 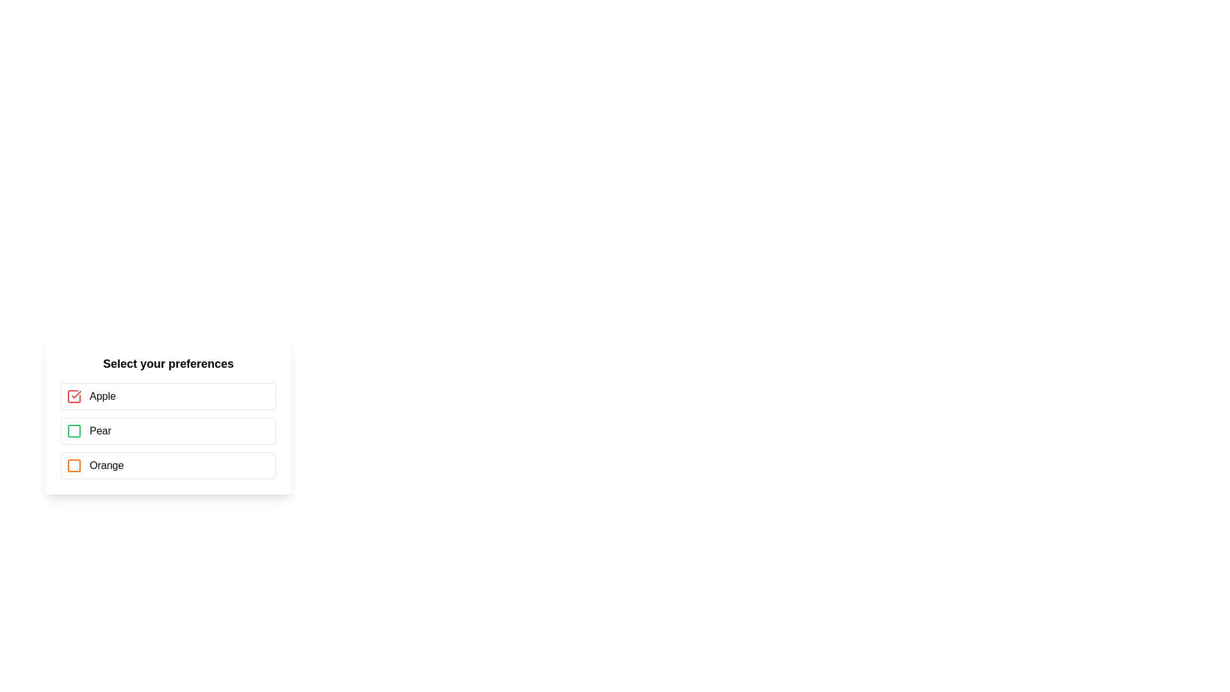 What do you see at coordinates (73, 395) in the screenshot?
I see `the visual status of the checkmark icon indicating the selection status of the 'Apple' option in the preference selection list, located to the left of the text 'Apple'` at bounding box center [73, 395].